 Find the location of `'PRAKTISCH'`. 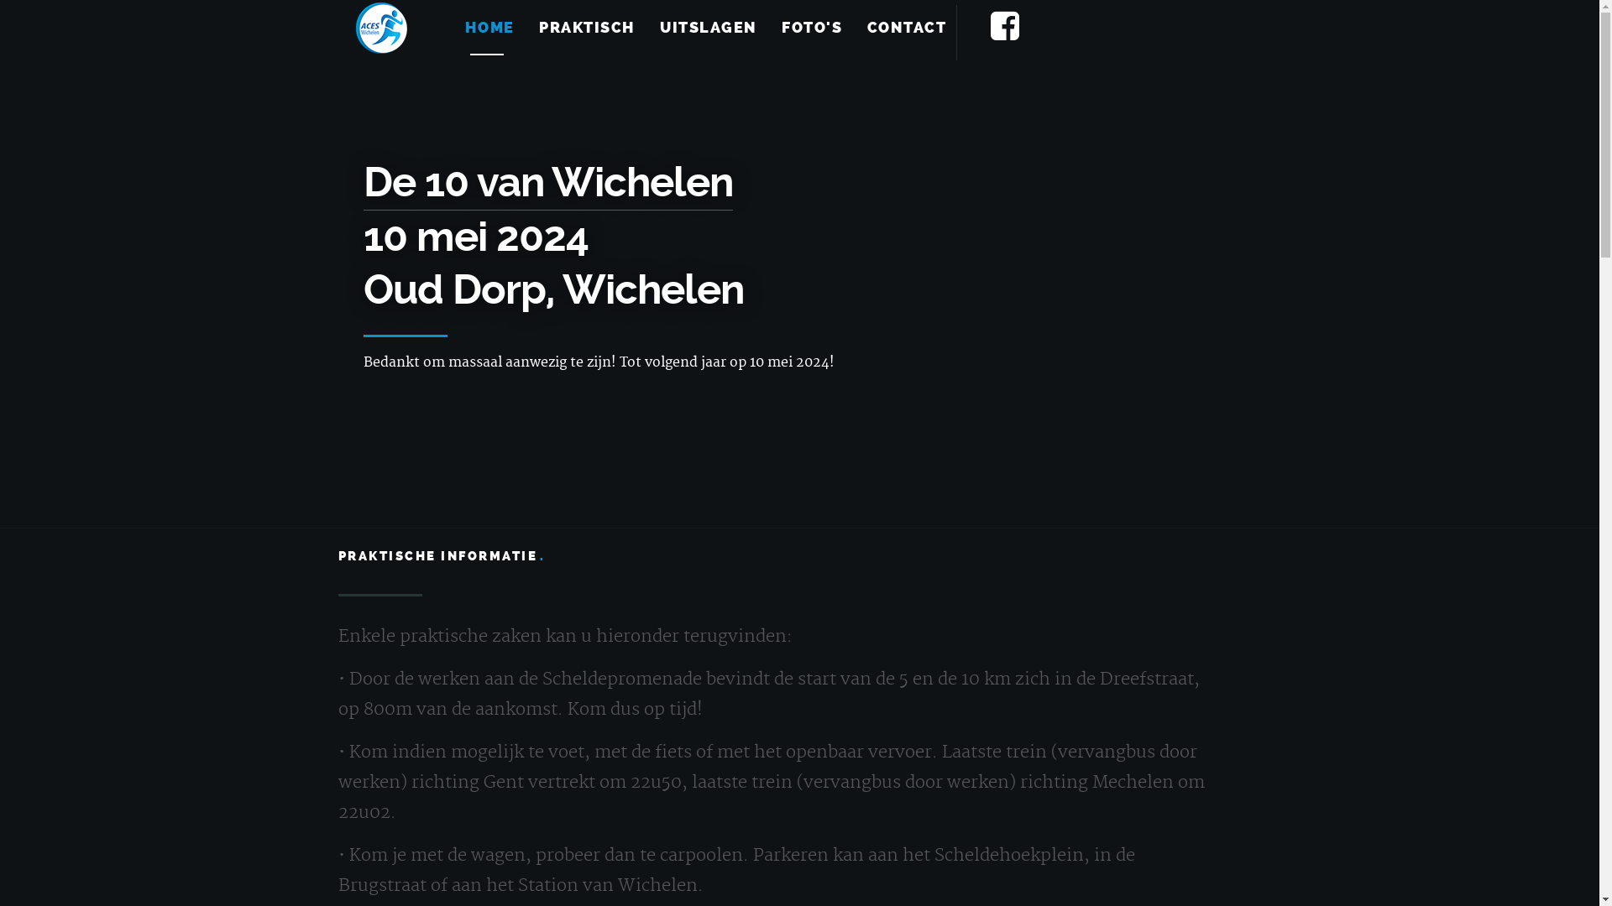

'PRAKTISCH' is located at coordinates (587, 28).